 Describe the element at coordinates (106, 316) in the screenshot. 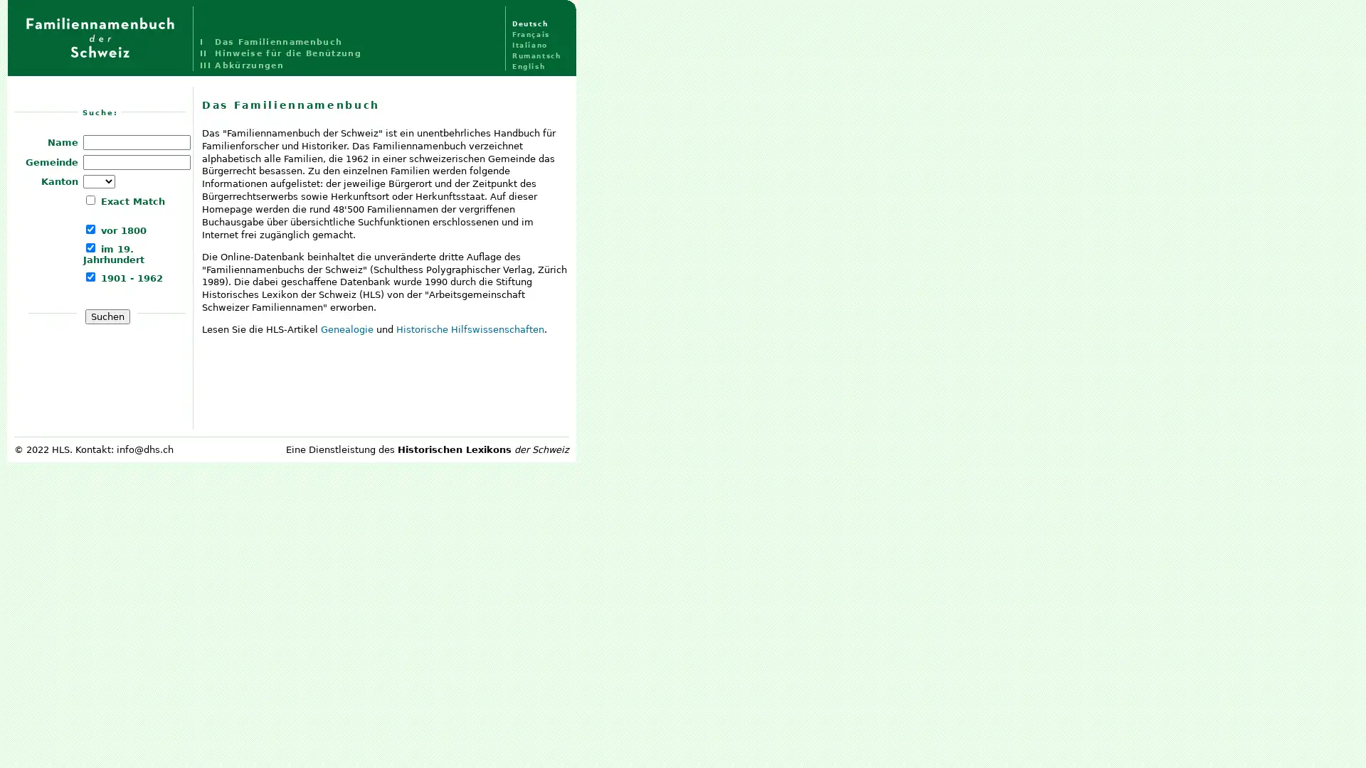

I see `Suchen` at that location.